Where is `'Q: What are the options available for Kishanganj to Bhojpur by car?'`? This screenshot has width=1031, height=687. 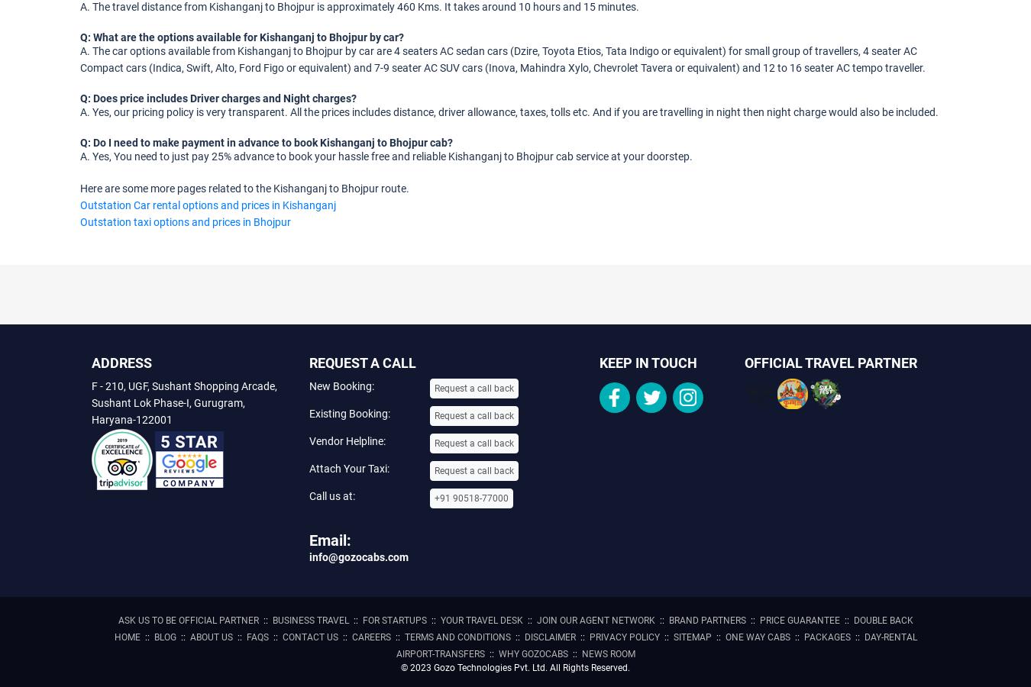 'Q: What are the options available for Kishanganj to Bhojpur by car?' is located at coordinates (241, 35).